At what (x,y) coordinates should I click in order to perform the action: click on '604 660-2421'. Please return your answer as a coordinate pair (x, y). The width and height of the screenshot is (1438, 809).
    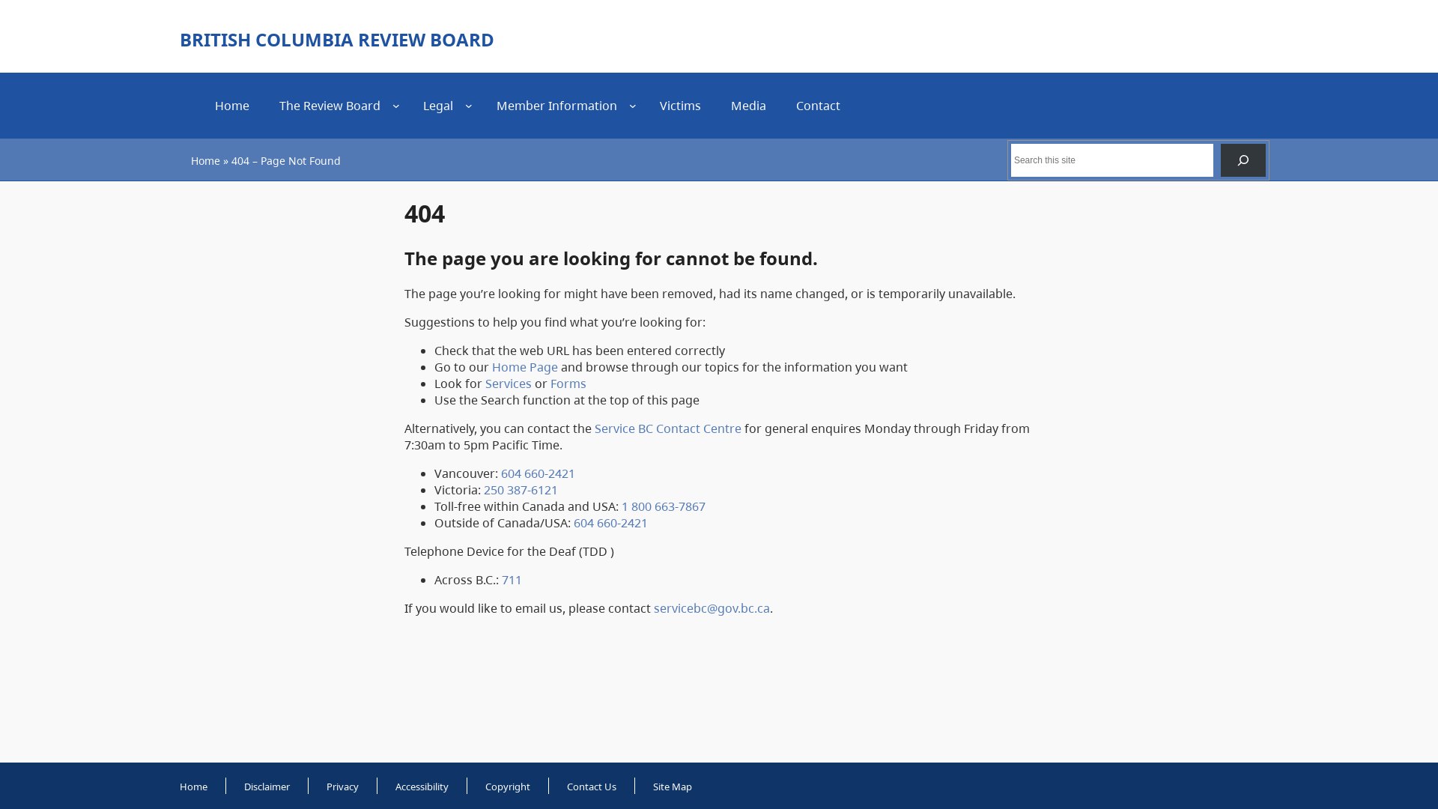
    Looking at the image, I should click on (610, 522).